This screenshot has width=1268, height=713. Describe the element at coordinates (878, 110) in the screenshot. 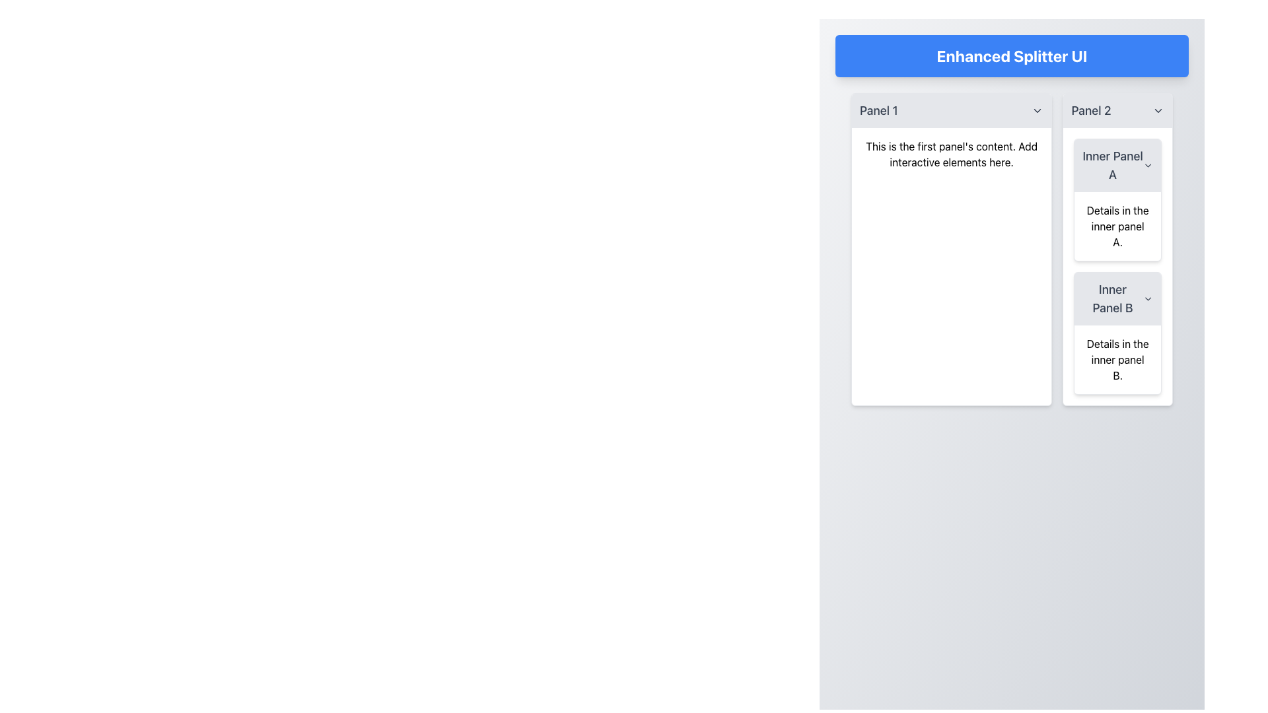

I see `the 'Panel 1' Label which is displayed in a large gray font within a light gray panel header, located at the top of the left panel section` at that location.